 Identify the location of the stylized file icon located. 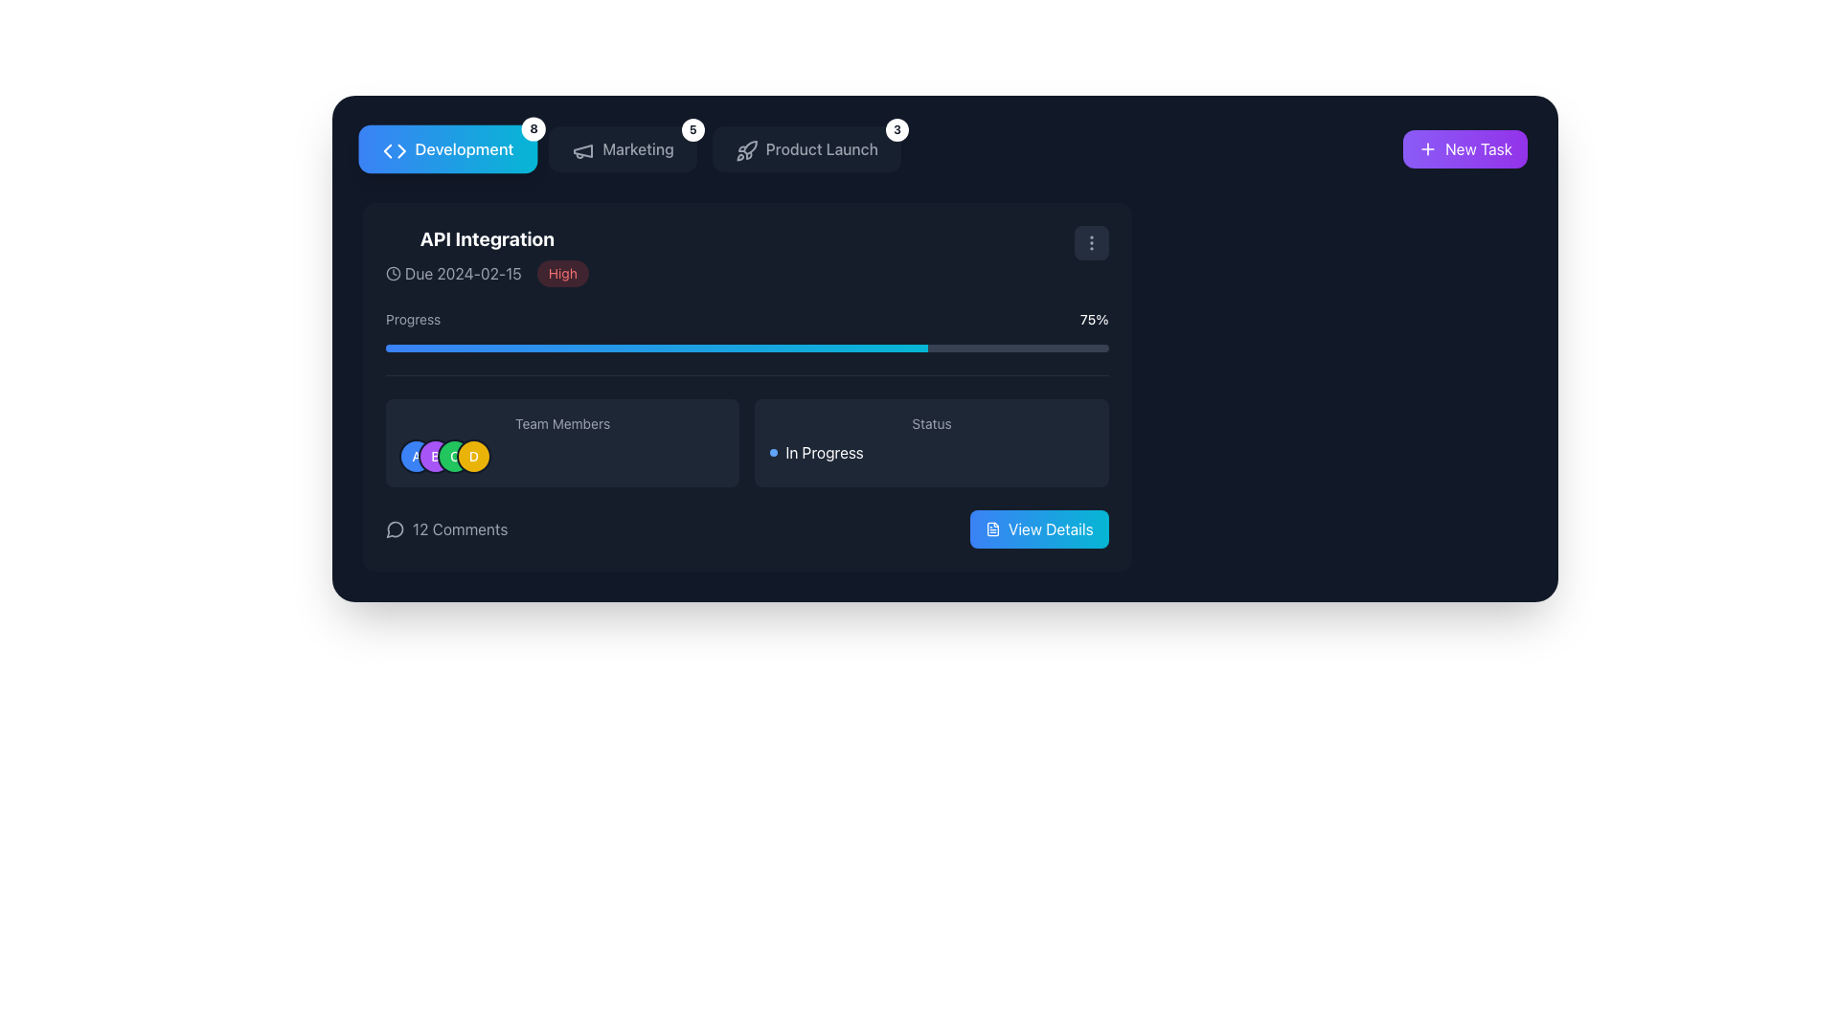
(992, 528).